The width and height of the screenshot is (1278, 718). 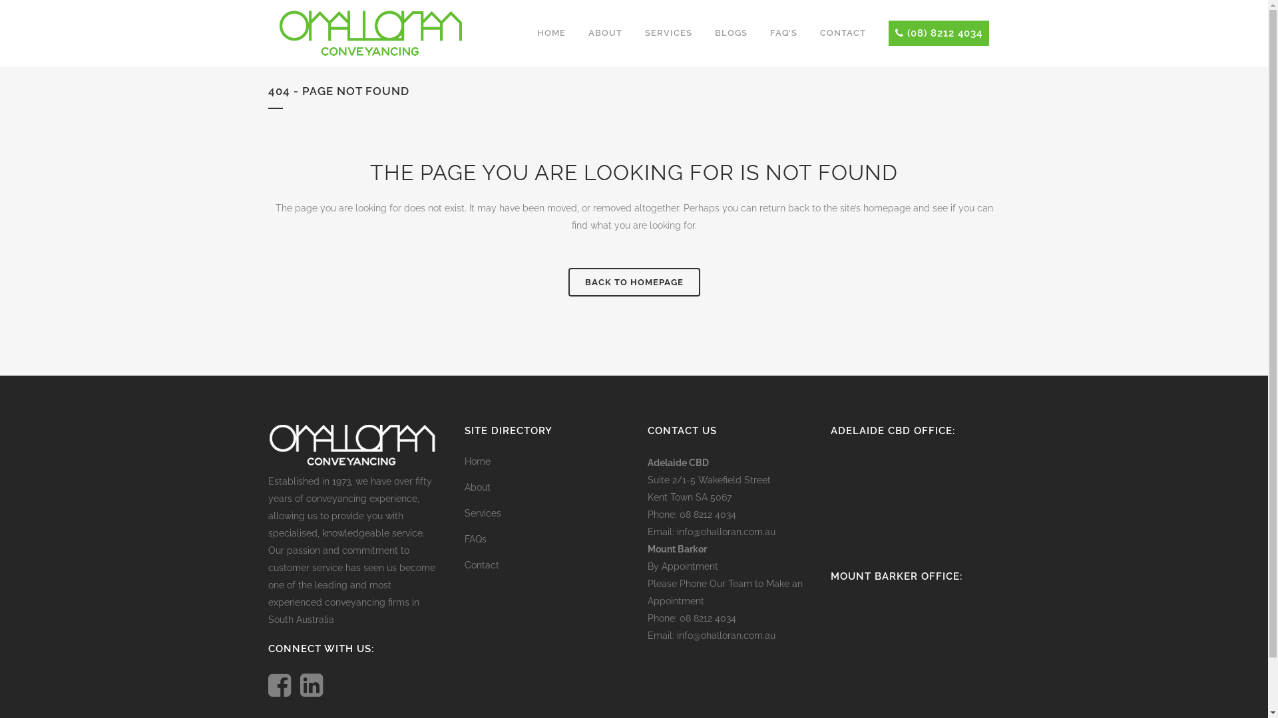 I want to click on 'HOME', so click(x=551, y=33).